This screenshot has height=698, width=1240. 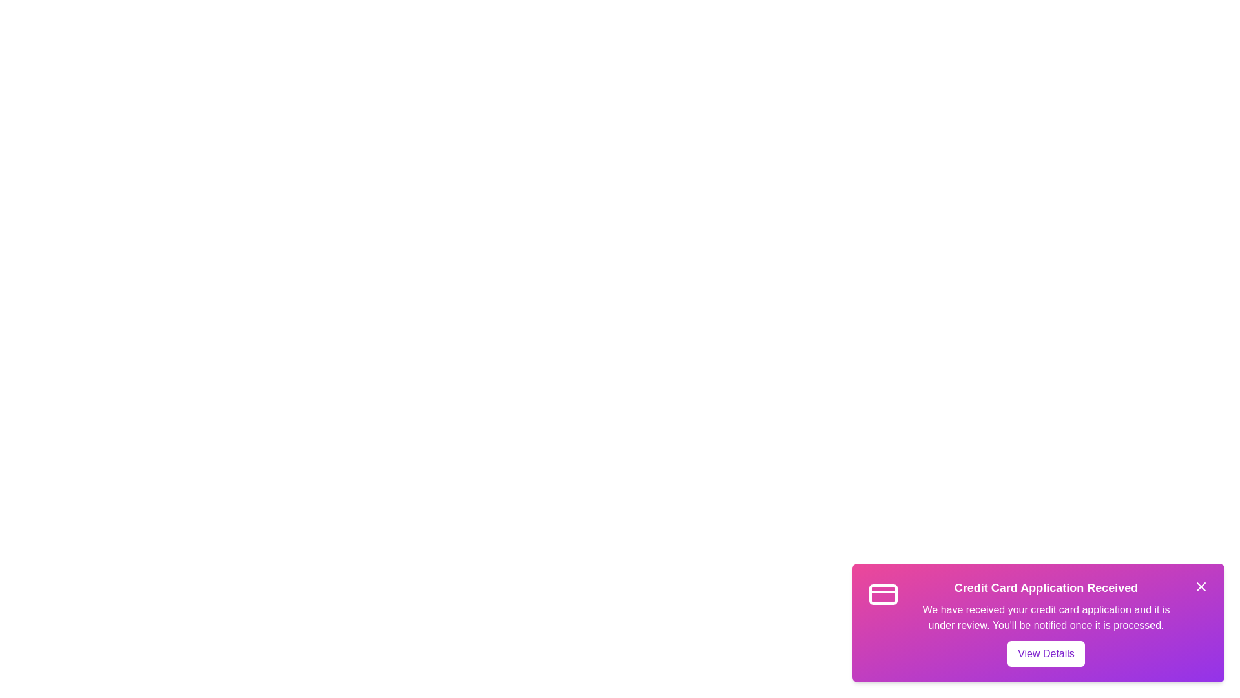 What do you see at coordinates (1201, 586) in the screenshot?
I see `the 'Close' button to dismiss the notification` at bounding box center [1201, 586].